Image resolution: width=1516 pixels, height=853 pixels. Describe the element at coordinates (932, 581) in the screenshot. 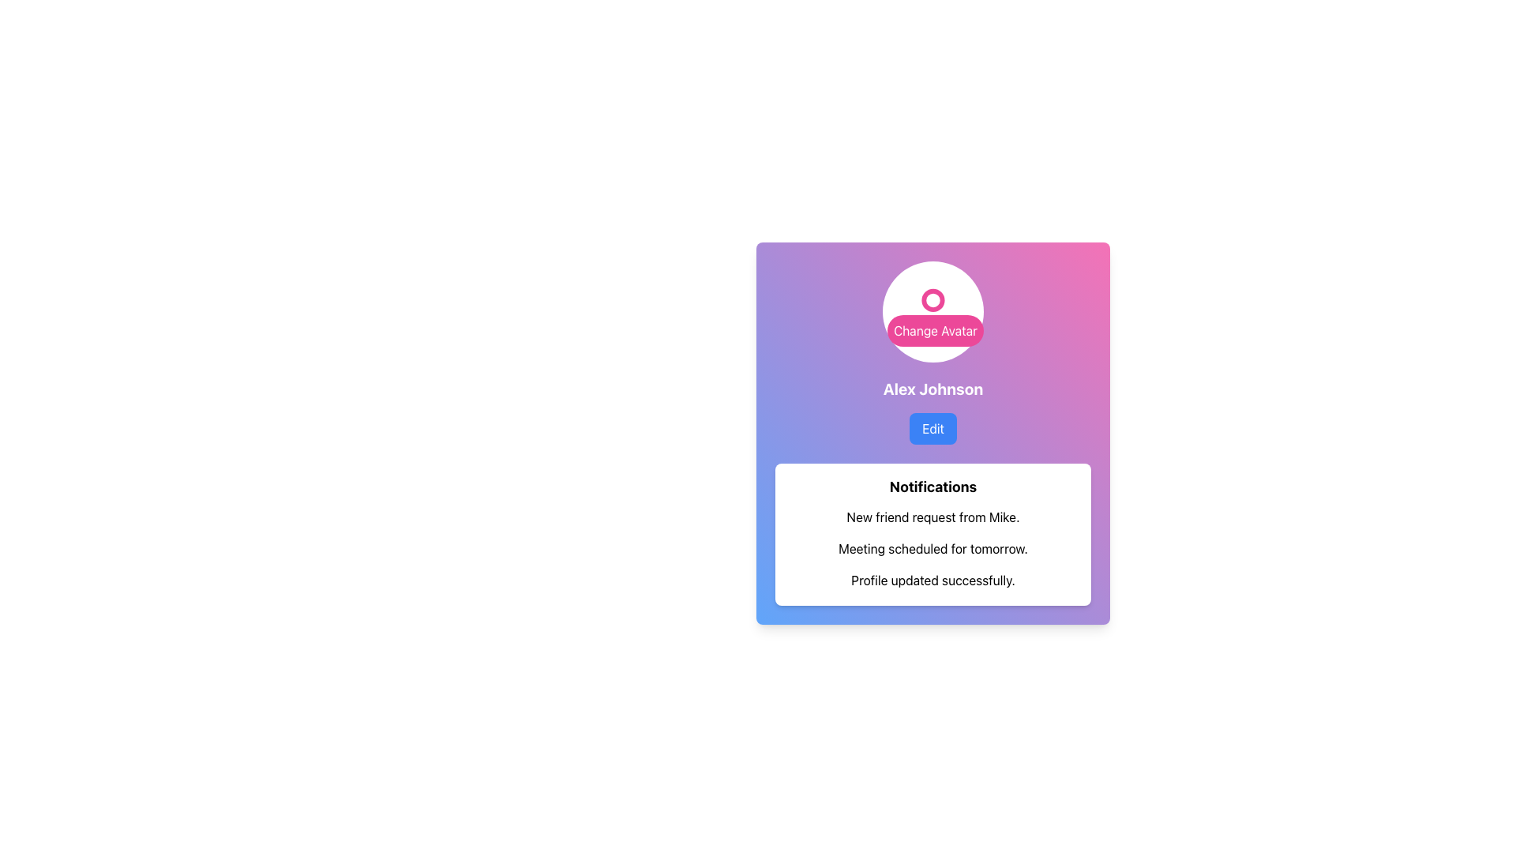

I see `text label that says 'Profile updated successfully.' which is the third notification in a vertical stack of notifications` at that location.